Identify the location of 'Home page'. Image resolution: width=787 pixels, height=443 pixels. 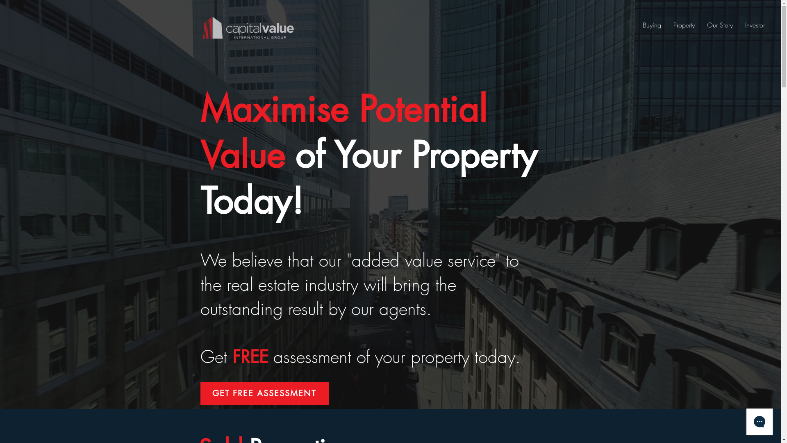
(247, 27).